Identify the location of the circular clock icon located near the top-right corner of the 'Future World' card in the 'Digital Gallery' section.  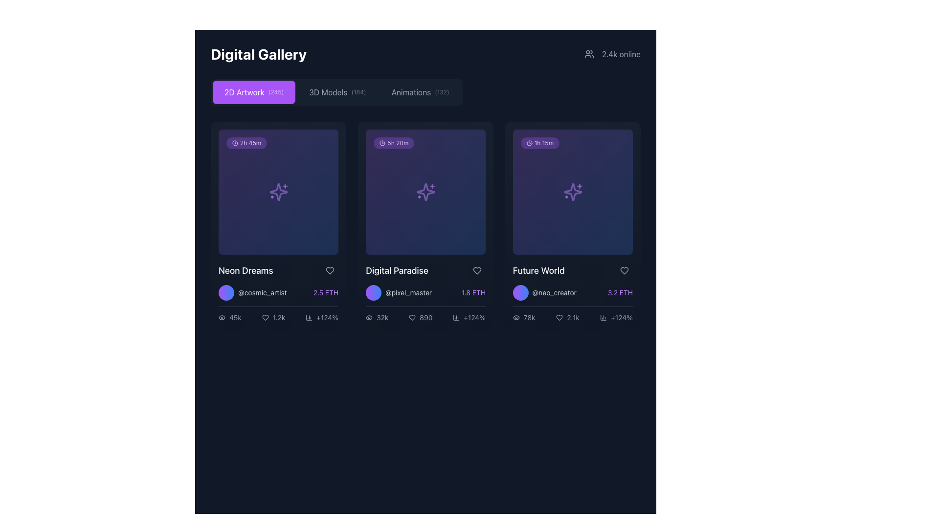
(529, 143).